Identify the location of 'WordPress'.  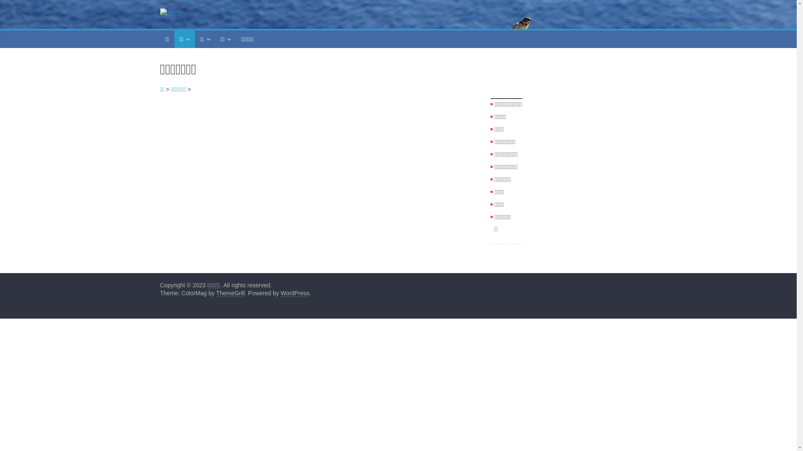
(281, 293).